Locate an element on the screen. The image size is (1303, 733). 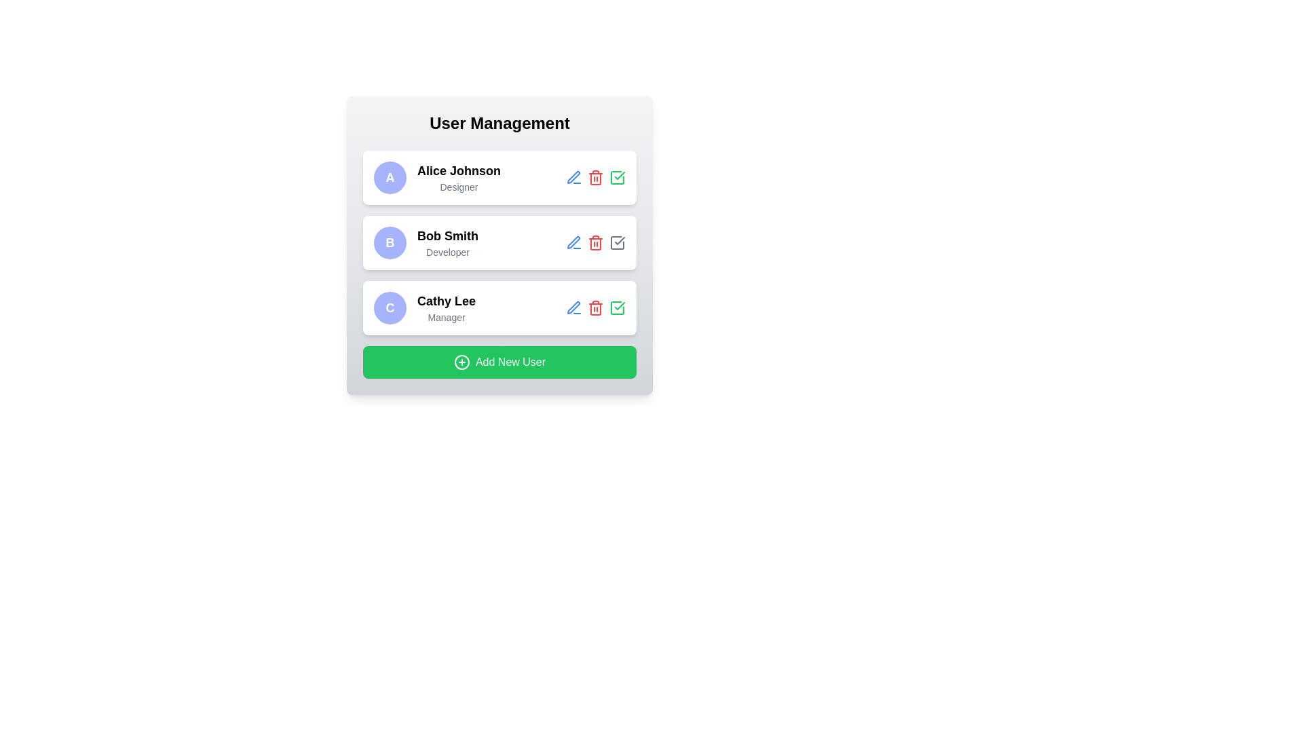
the circular '+' icon with a white outline on a green background, located to the left of the 'Add New User' text is located at coordinates (461, 361).